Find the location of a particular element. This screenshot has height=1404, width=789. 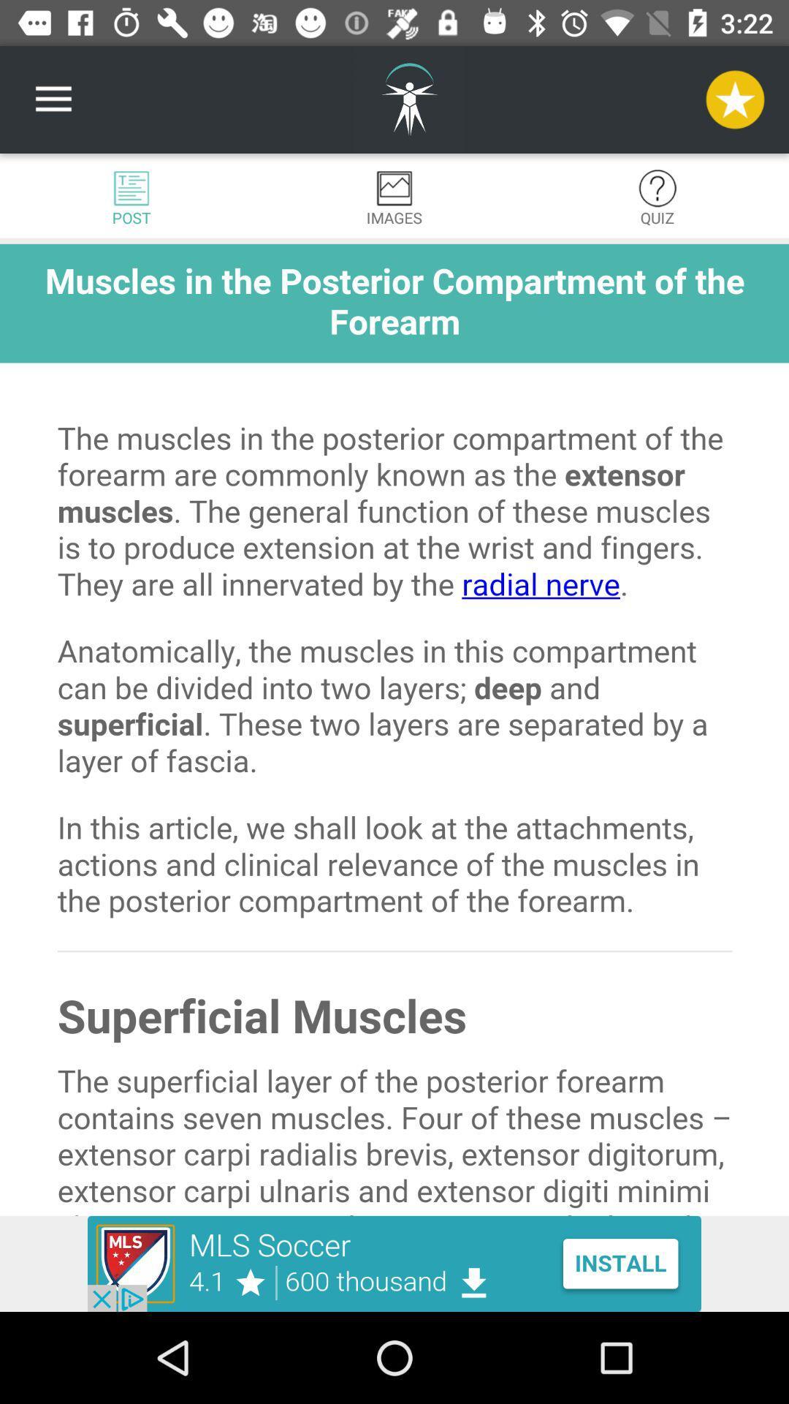

advertisement for mls soccer app is located at coordinates (394, 1263).